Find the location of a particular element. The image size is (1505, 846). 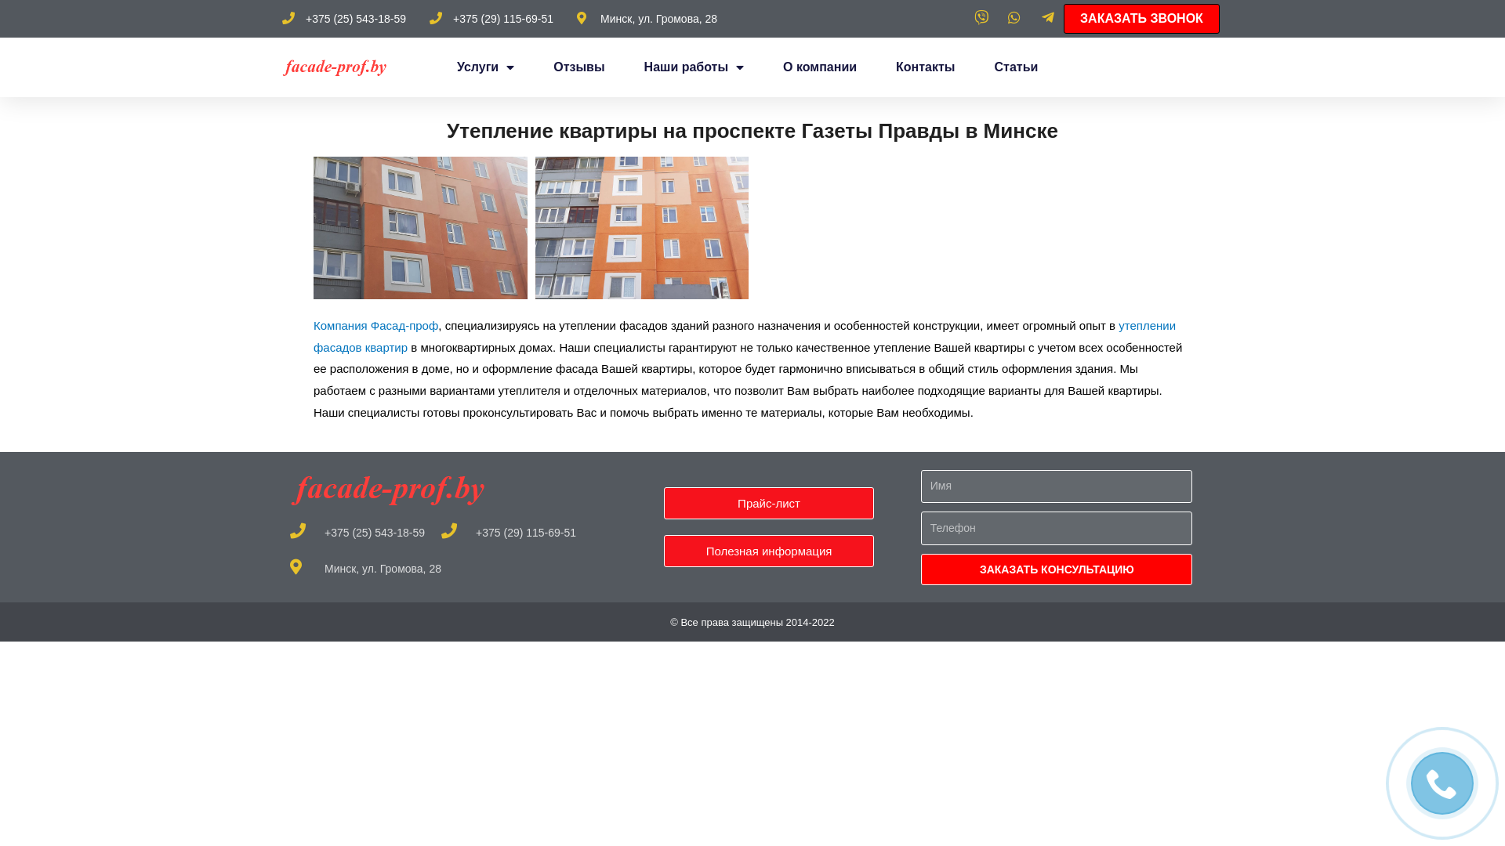

'+375 (25) 543-18-59' is located at coordinates (357, 531).